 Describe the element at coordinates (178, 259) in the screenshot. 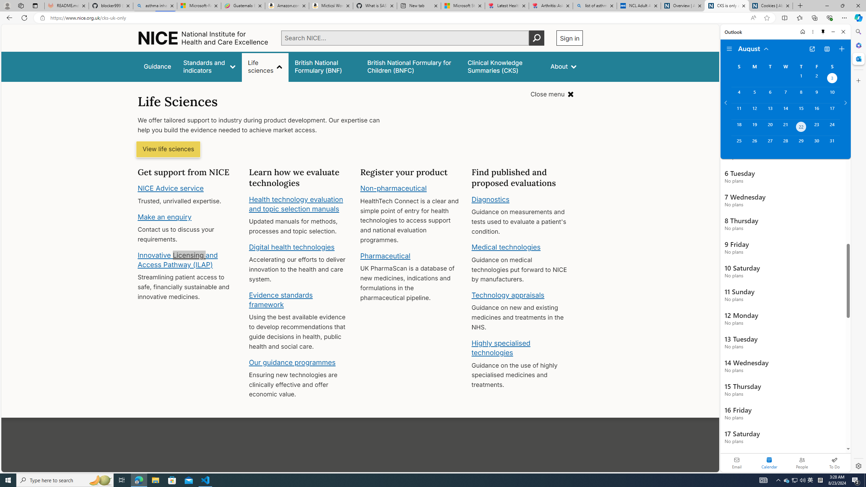

I see `'Innovative Licensing and Access Pathway (ILAP)'` at that location.